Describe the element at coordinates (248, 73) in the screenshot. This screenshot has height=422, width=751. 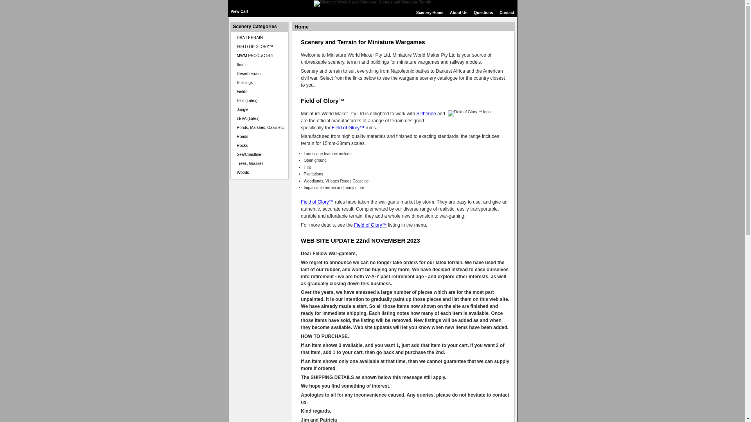
I see `'Desert terrain'` at that location.